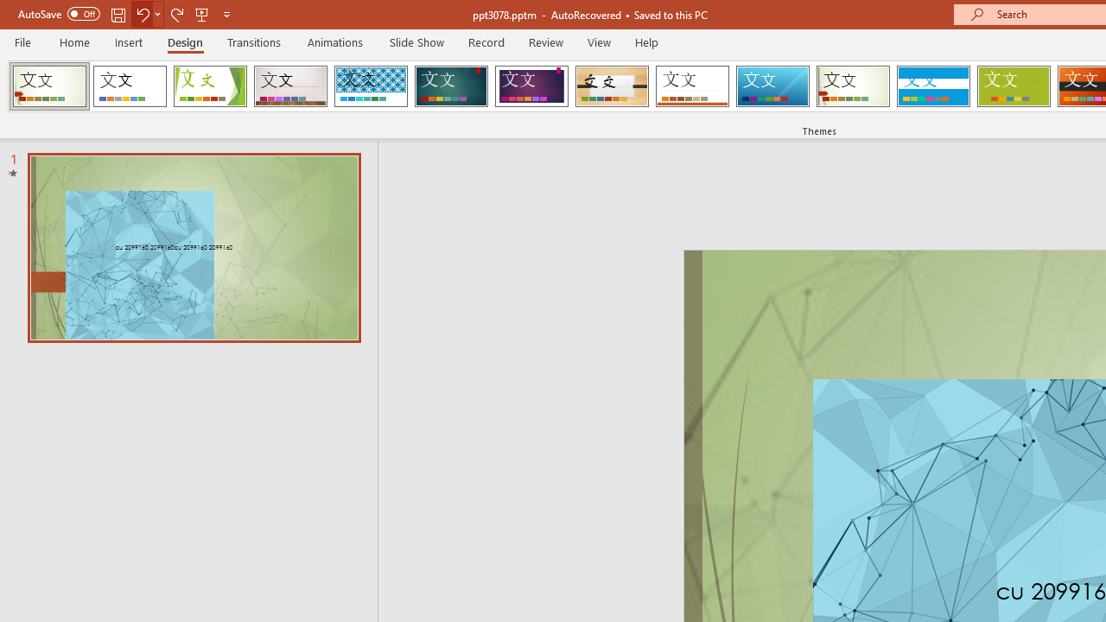  Describe the element at coordinates (692, 86) in the screenshot. I see `'Retrospect'` at that location.